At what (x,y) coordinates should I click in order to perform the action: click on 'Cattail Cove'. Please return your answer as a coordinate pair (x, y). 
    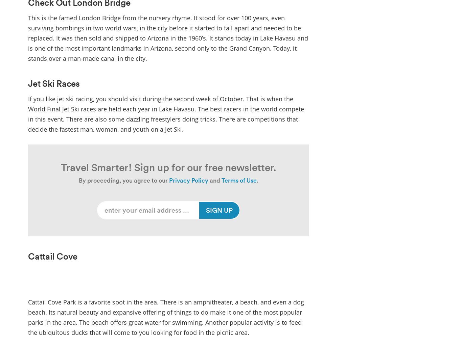
    Looking at the image, I should click on (52, 256).